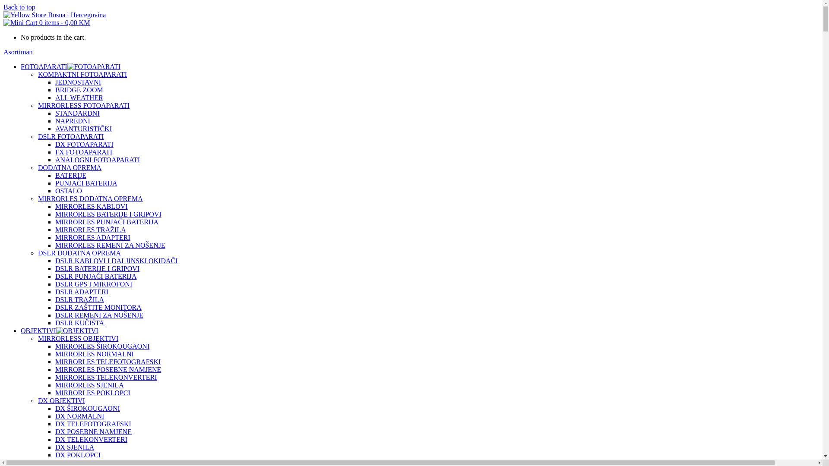 This screenshot has width=829, height=466. What do you see at coordinates (78, 82) in the screenshot?
I see `'JEDNOSTAVNI'` at bounding box center [78, 82].